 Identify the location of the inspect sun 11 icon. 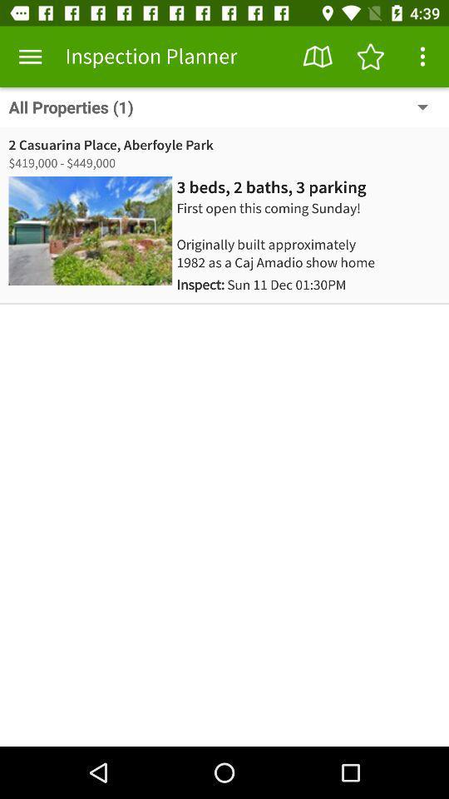
(261, 285).